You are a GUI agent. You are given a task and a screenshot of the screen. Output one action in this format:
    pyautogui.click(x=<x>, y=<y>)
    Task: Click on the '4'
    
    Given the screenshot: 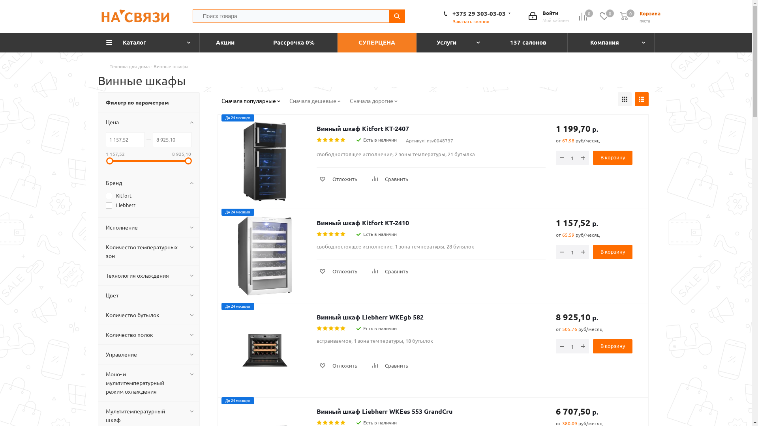 What is the action you would take?
    pyautogui.click(x=337, y=139)
    